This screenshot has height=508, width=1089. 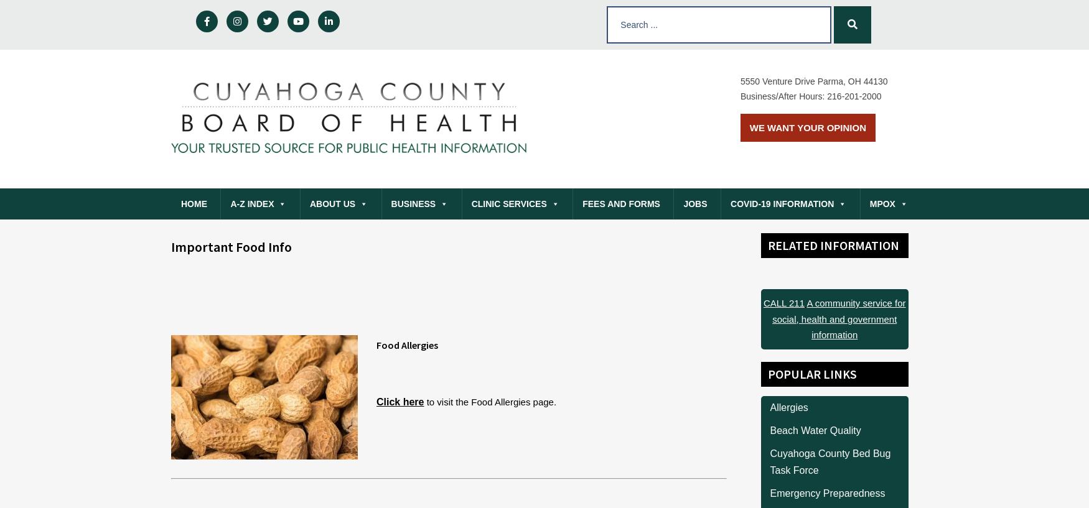 I want to click on 'A-Z Index', so click(x=251, y=203).